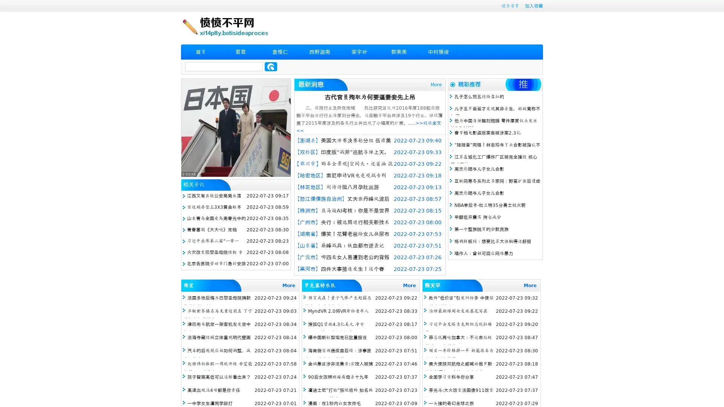 The width and height of the screenshot is (724, 407). I want to click on Search, so click(271, 66).